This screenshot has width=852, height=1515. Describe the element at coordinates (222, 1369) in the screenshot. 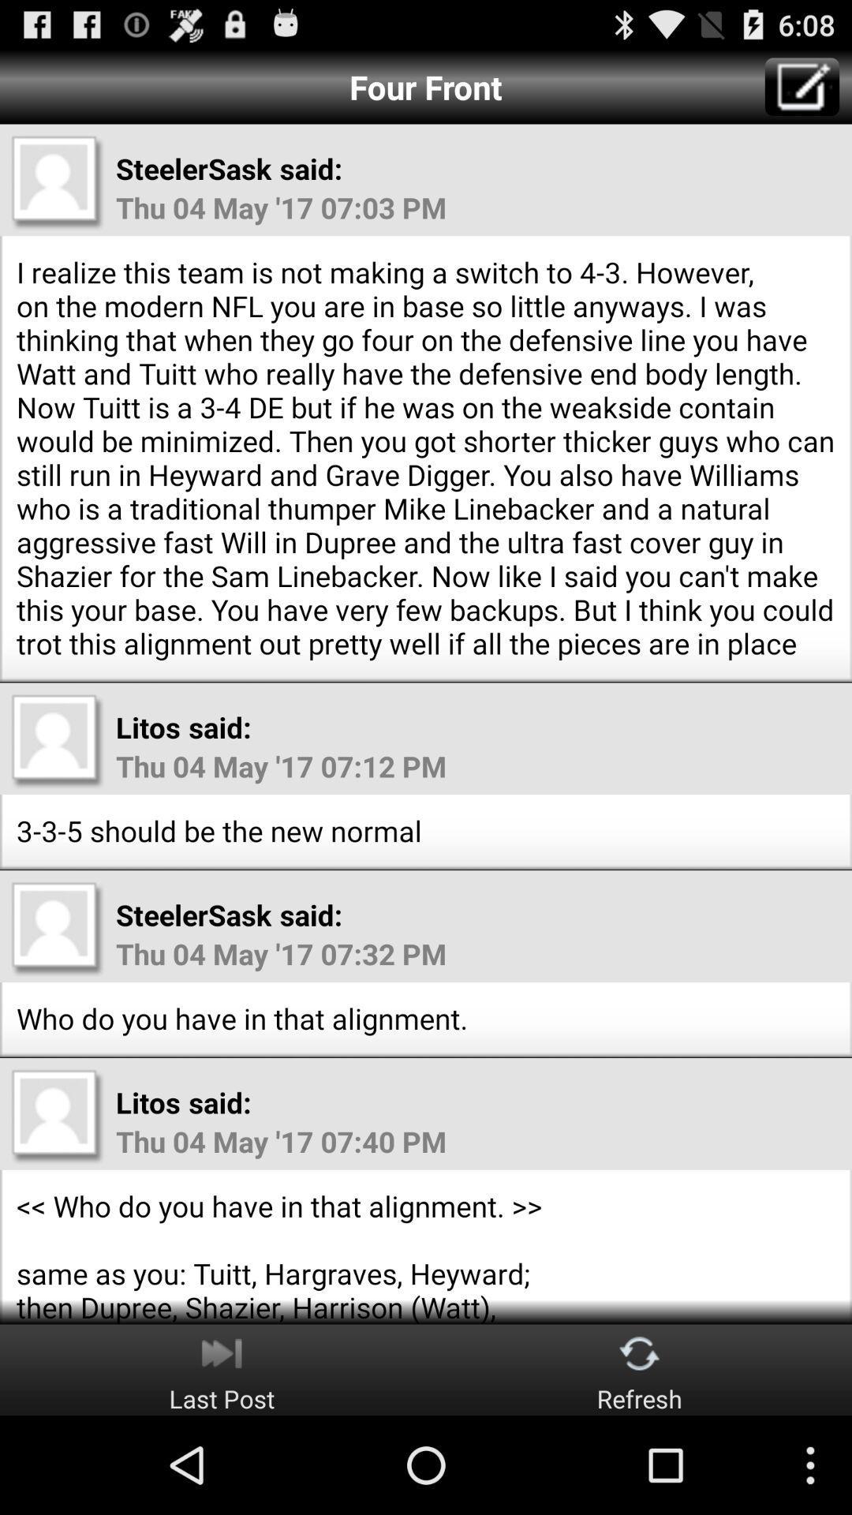

I see `icon below the who do you icon` at that location.